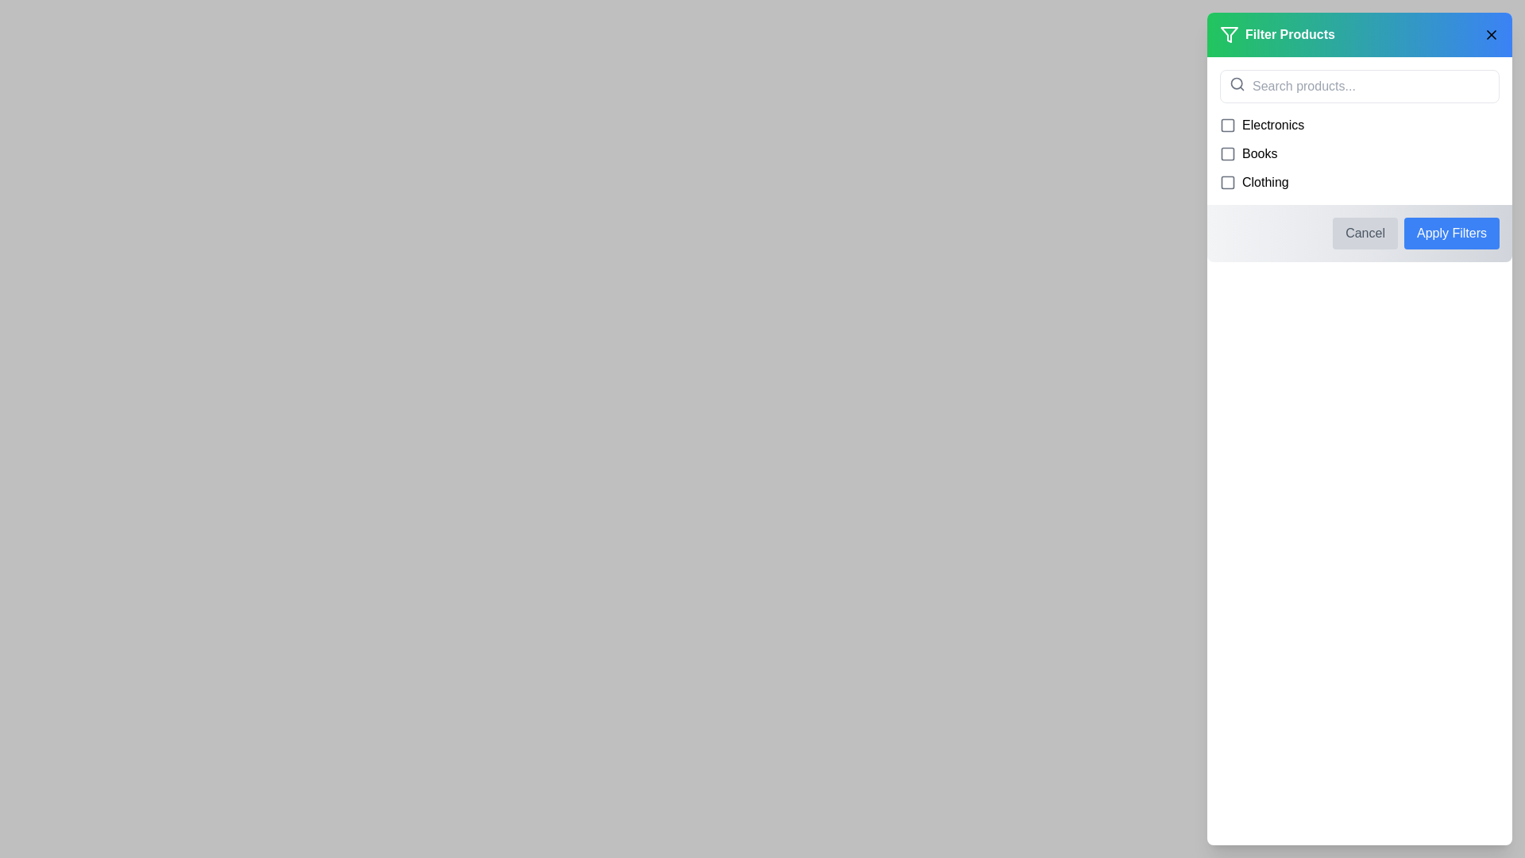  Describe the element at coordinates (1226, 153) in the screenshot. I see `the checkbox for the 'Books' filter located in the vertical list of filter options` at that location.